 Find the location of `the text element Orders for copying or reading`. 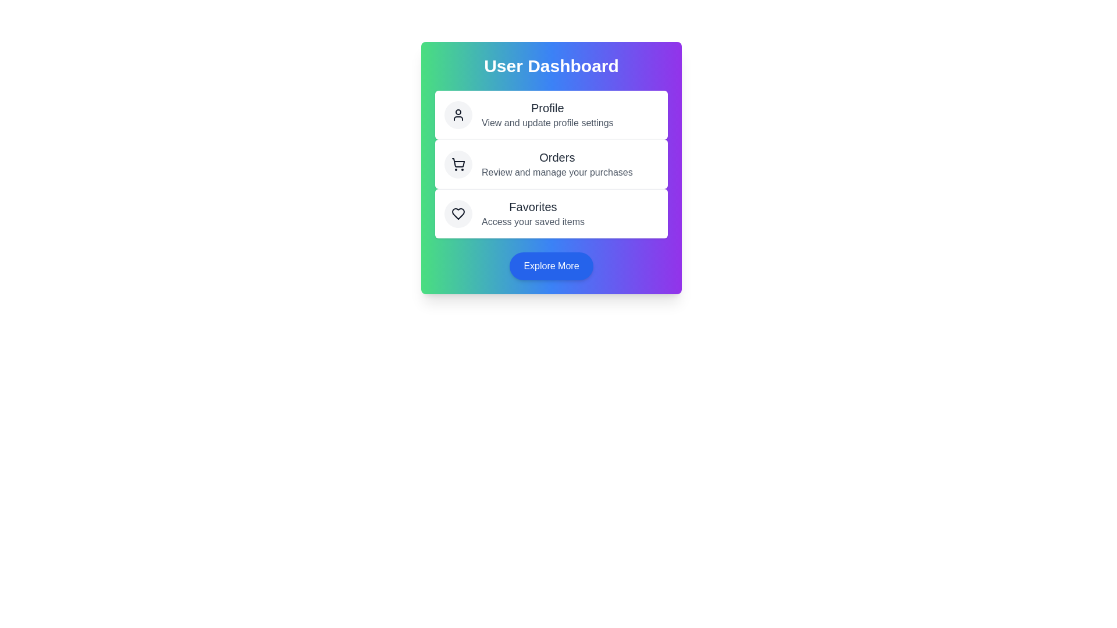

the text element Orders for copying or reading is located at coordinates (556, 157).